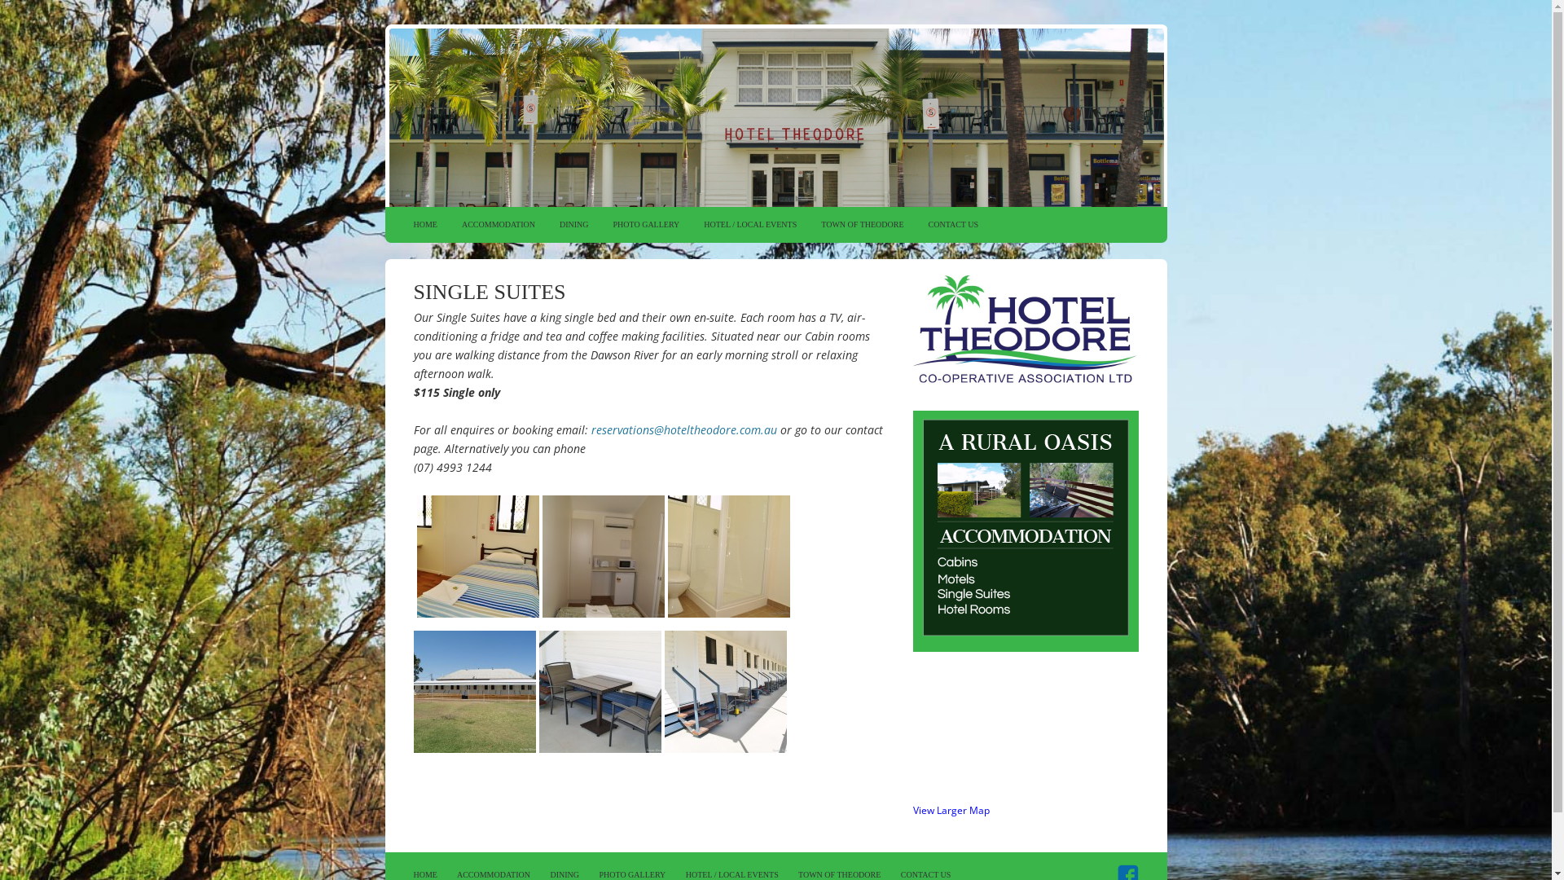 This screenshot has height=880, width=1564. Describe the element at coordinates (631, 873) in the screenshot. I see `'PHOTO GALLERY'` at that location.